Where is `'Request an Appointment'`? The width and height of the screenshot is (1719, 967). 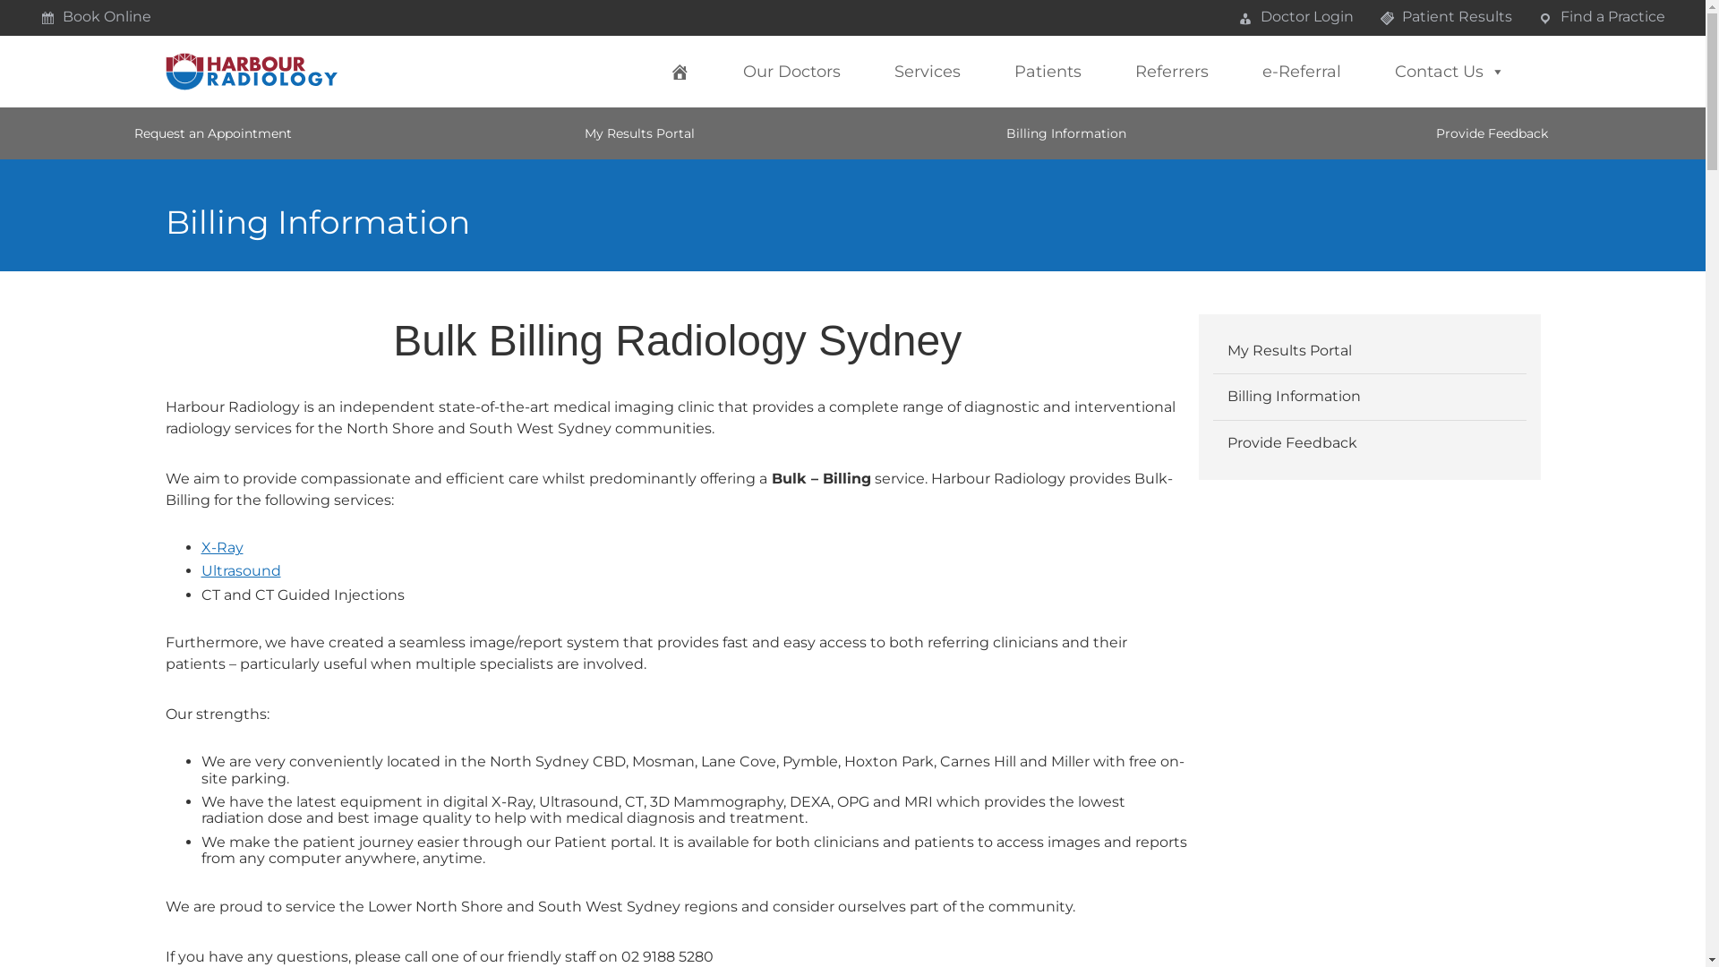
'Request an Appointment' is located at coordinates (213, 133).